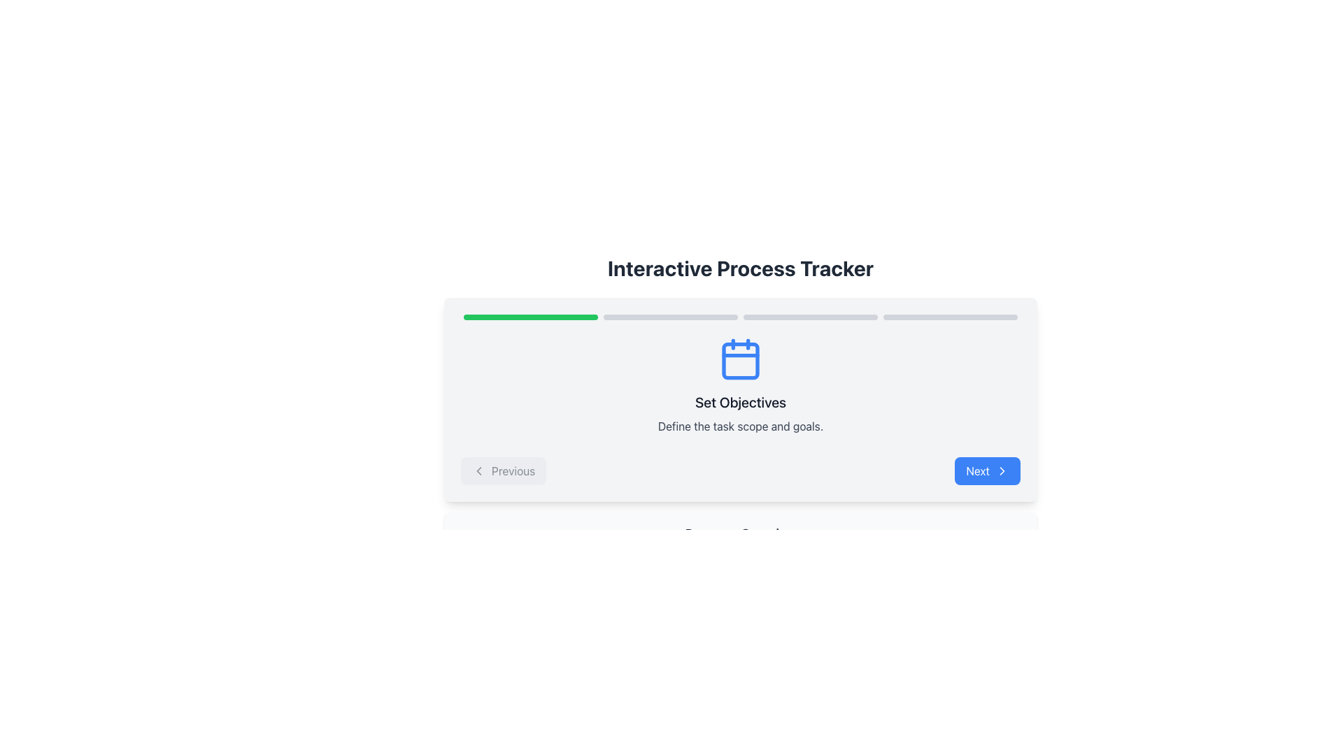 Image resolution: width=1343 pixels, height=755 pixels. I want to click on the second segment of the progress bar, which represents an unachieved step in a multi-step progress tracker, so click(670, 317).